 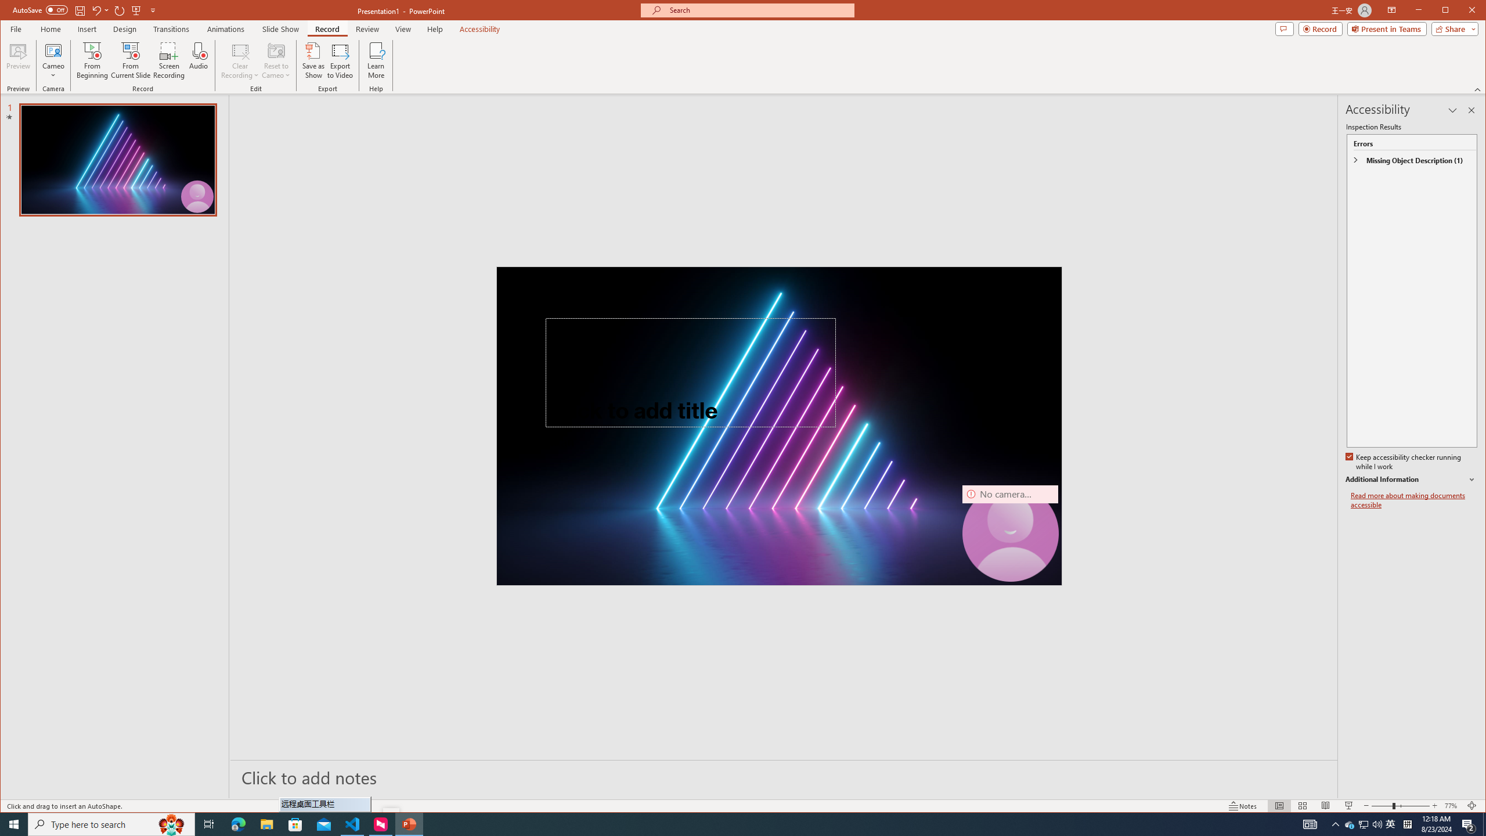 What do you see at coordinates (1335, 823) in the screenshot?
I see `'Notification Chevron'` at bounding box center [1335, 823].